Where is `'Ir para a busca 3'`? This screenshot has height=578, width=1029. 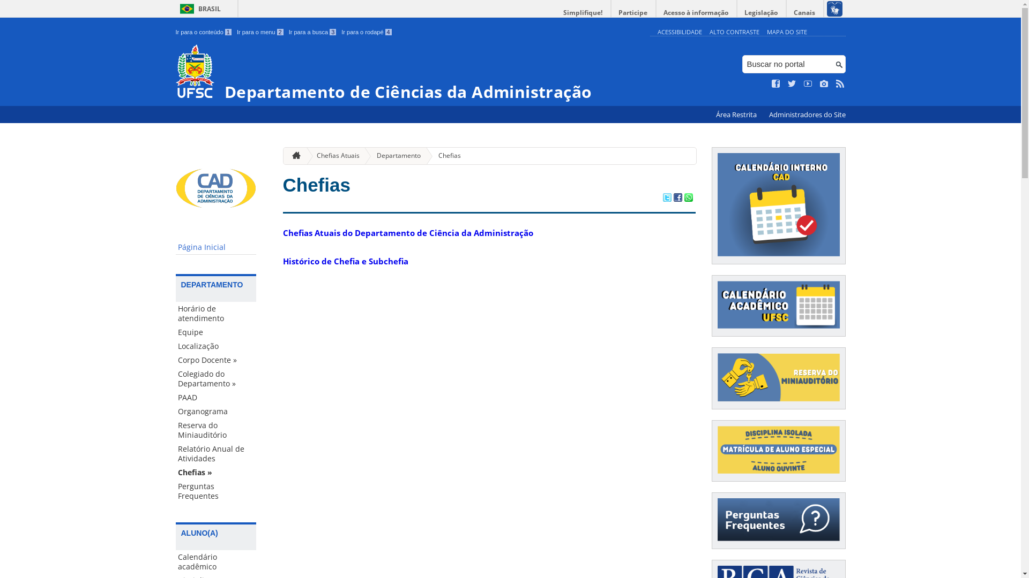 'Ir para a busca 3' is located at coordinates (288, 32).